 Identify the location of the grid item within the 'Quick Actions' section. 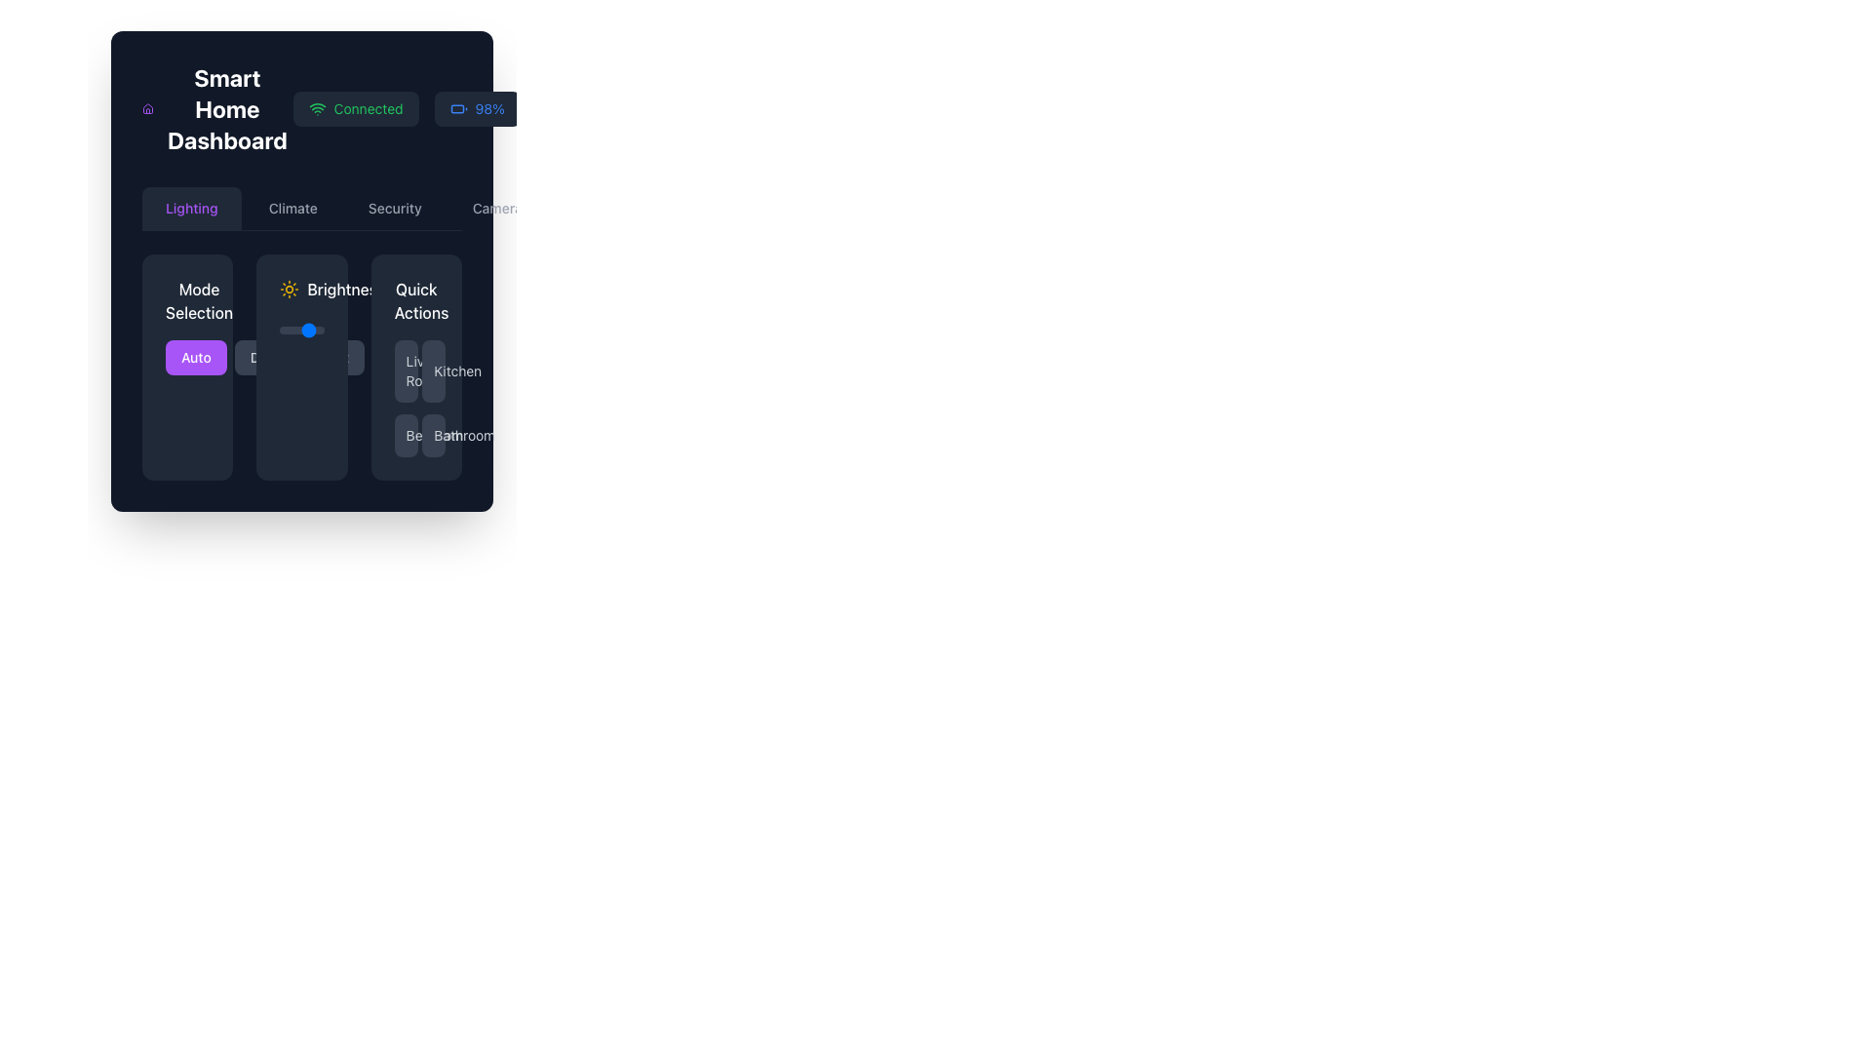
(415, 397).